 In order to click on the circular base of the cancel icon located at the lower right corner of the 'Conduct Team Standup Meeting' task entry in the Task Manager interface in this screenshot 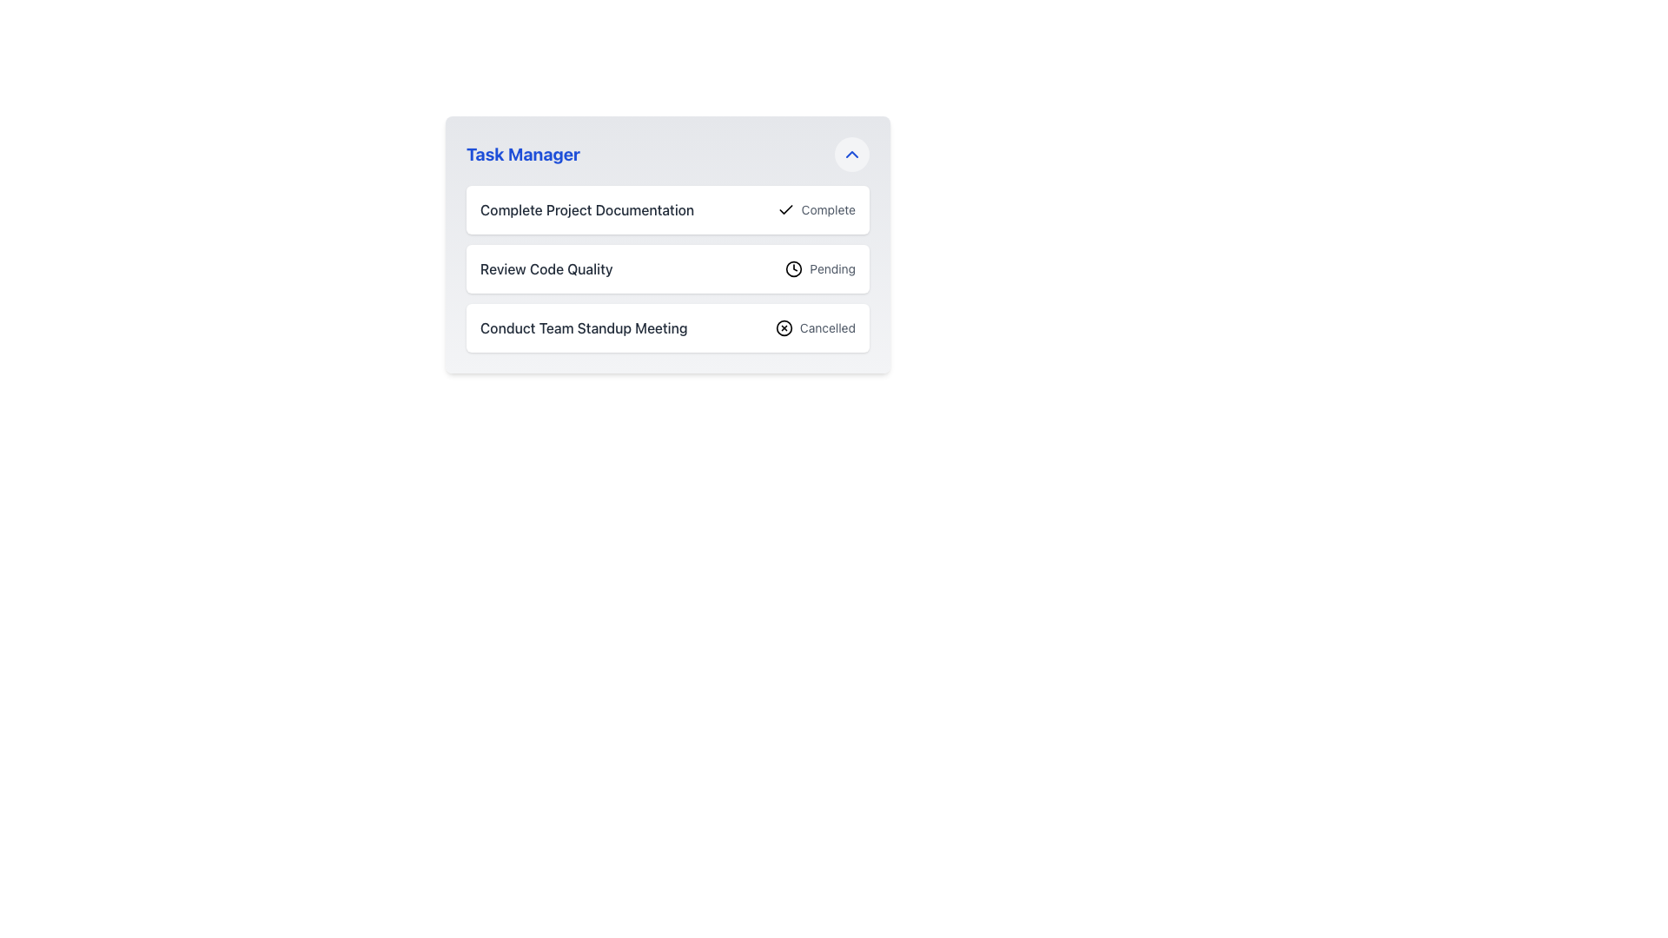, I will do `click(783, 328)`.